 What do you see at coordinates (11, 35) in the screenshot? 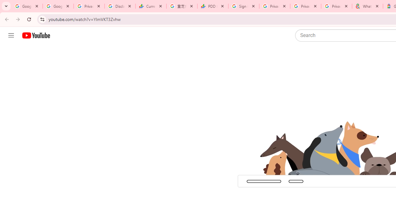
I see `'Guide'` at bounding box center [11, 35].